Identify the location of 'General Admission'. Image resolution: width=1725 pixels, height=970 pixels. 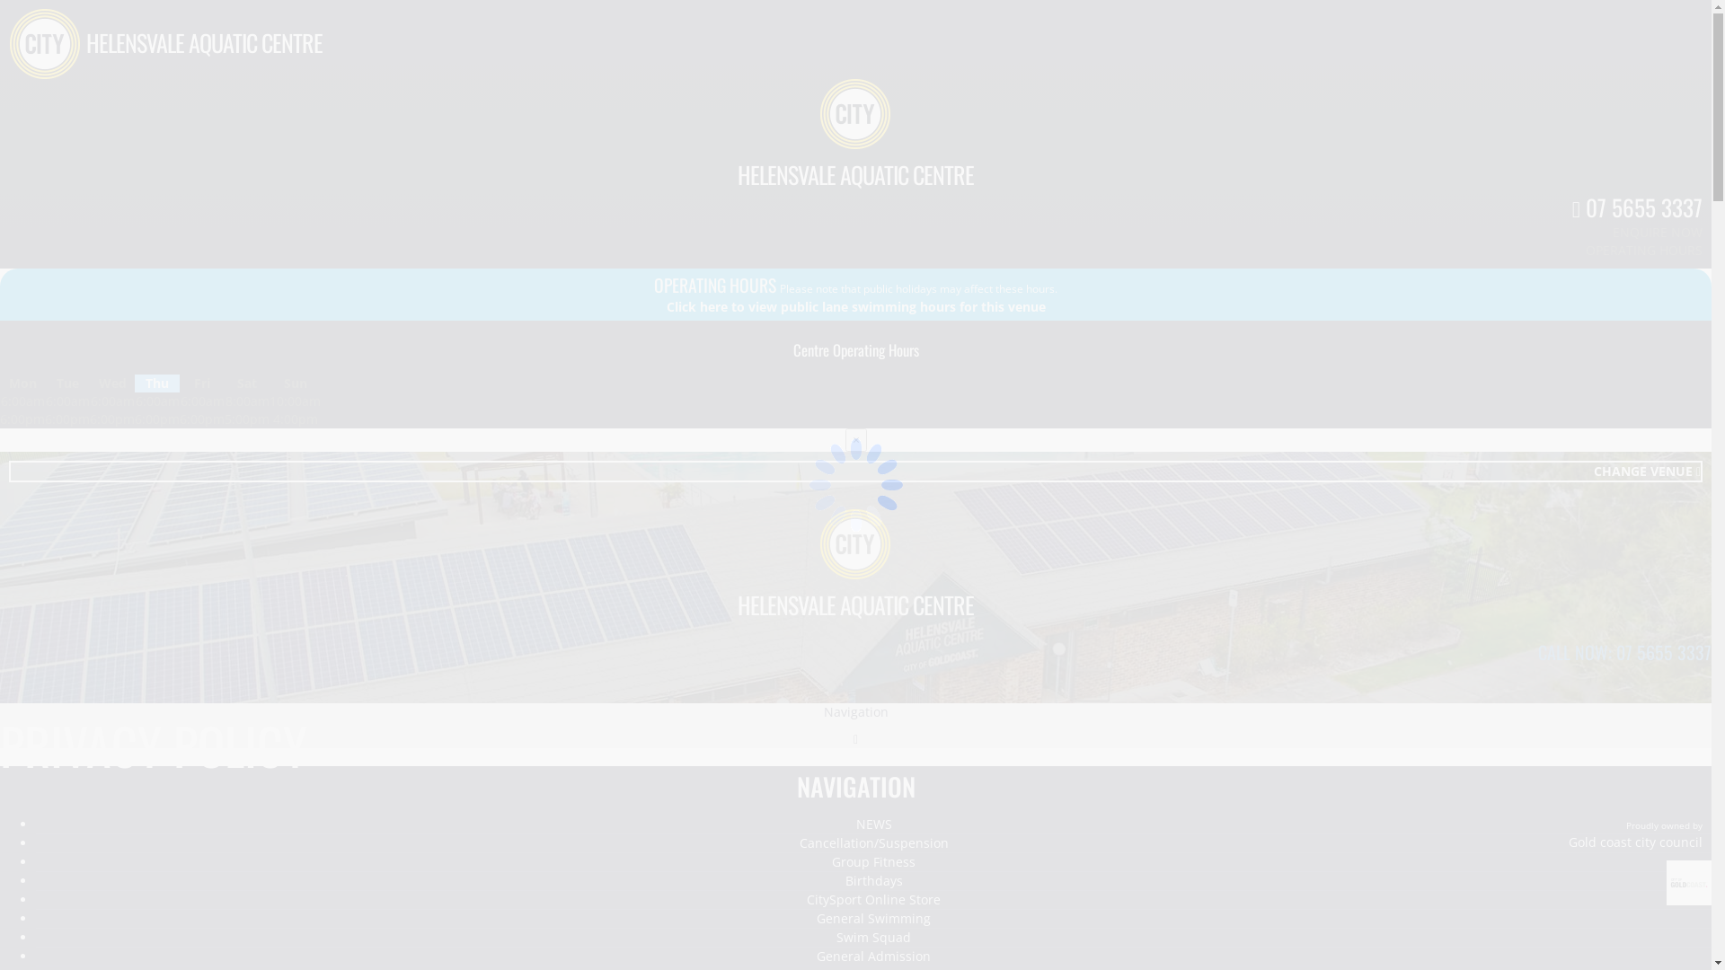
(873, 955).